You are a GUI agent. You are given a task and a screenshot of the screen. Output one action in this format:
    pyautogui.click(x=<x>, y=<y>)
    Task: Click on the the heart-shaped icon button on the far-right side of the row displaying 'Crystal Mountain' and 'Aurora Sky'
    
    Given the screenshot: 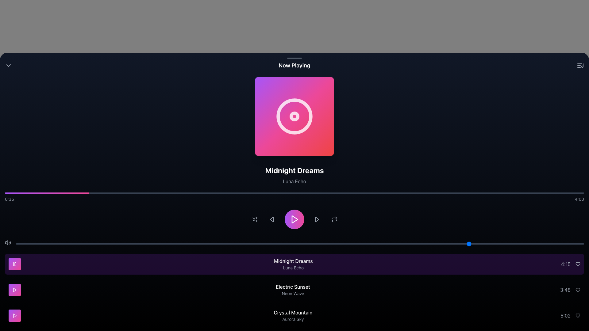 What is the action you would take?
    pyautogui.click(x=577, y=315)
    